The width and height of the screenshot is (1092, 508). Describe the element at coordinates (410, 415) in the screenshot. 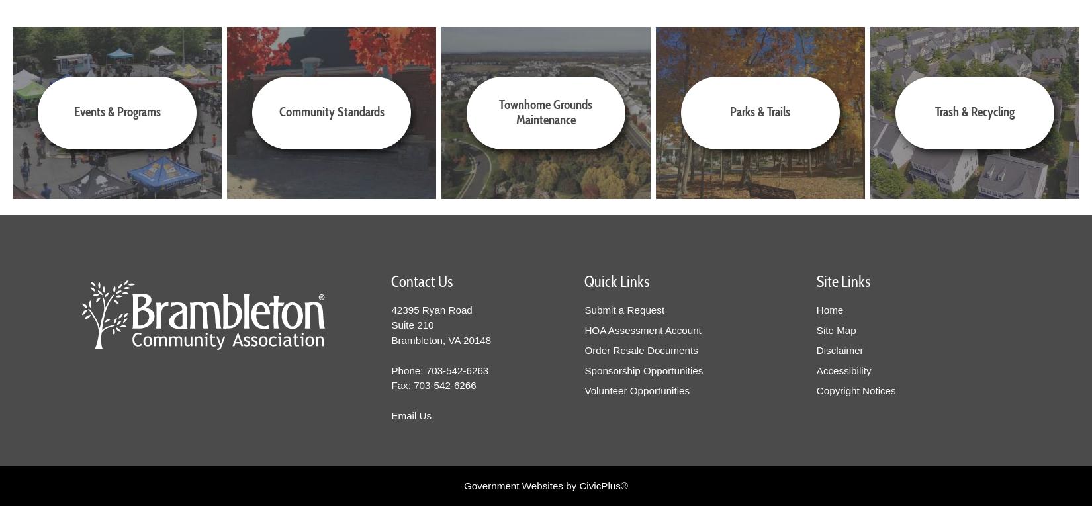

I see `'Email Us'` at that location.